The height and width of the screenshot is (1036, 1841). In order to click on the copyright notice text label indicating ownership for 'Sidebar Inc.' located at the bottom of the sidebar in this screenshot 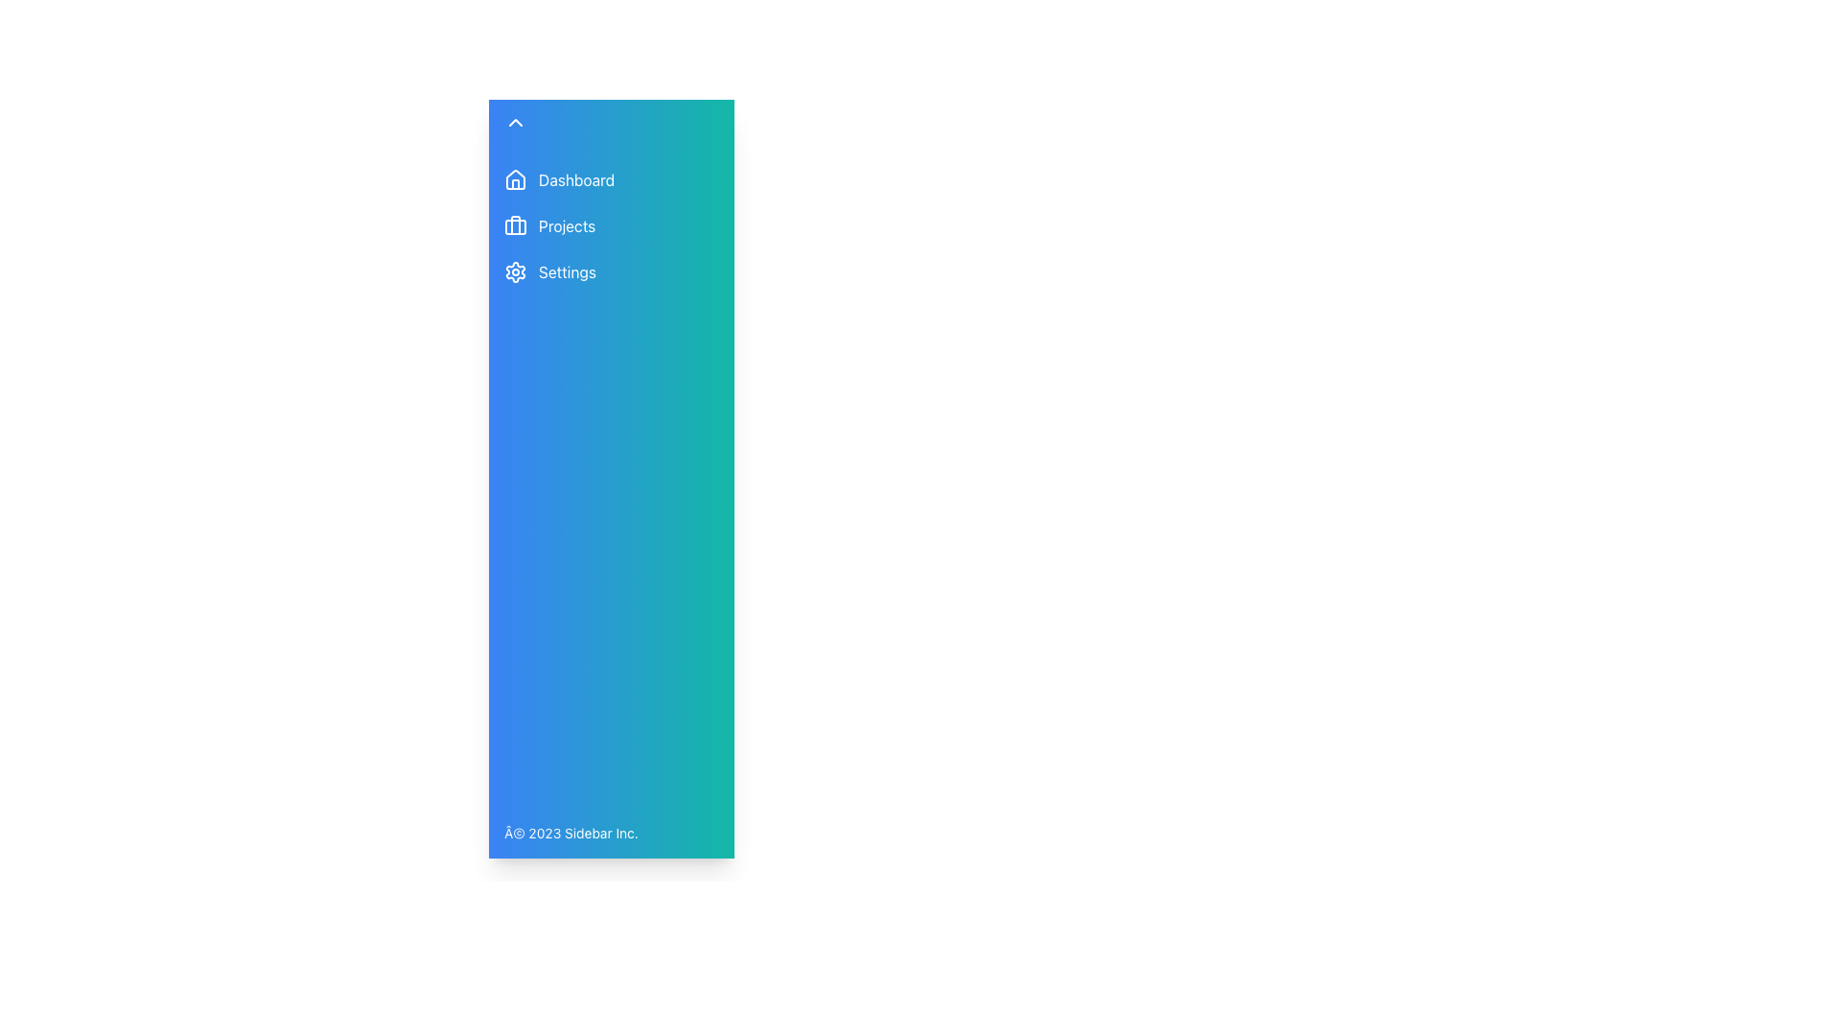, I will do `click(570, 832)`.